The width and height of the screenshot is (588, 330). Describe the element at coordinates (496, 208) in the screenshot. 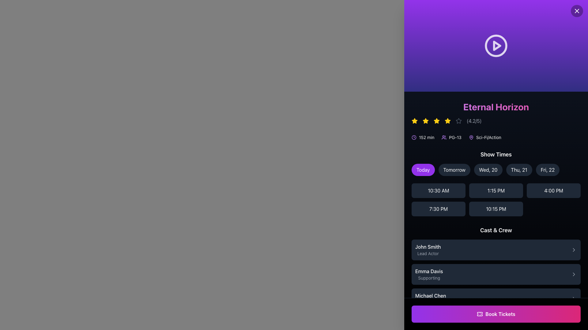

I see `the button representing the 10:15 PM movie showing time slot, which is the fifth button in the second row of the 'Show Times' grid layout` at that location.